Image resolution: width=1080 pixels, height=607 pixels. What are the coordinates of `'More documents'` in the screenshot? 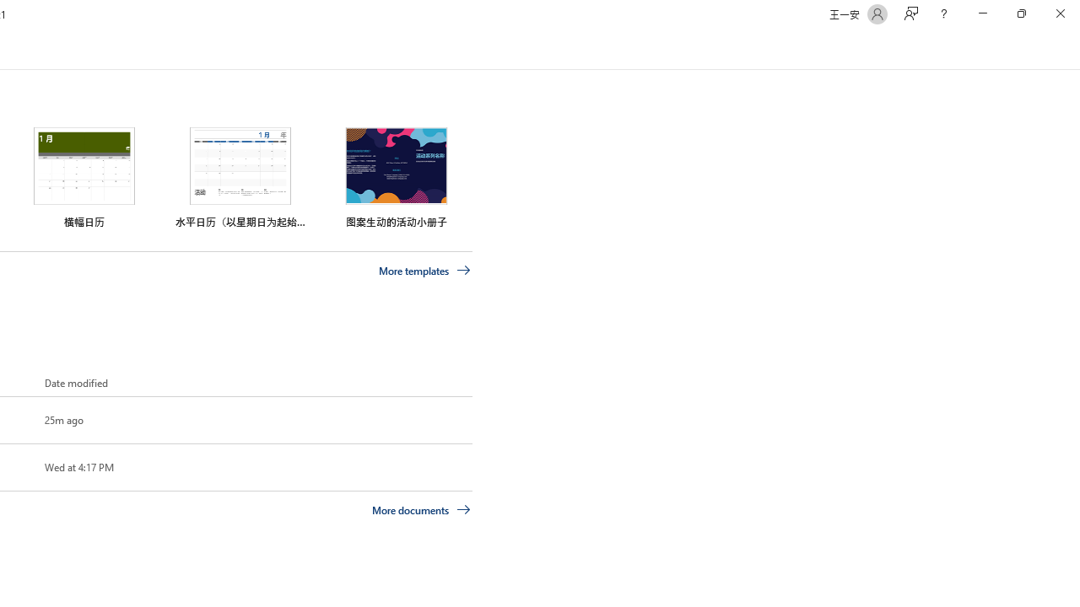 It's located at (421, 508).